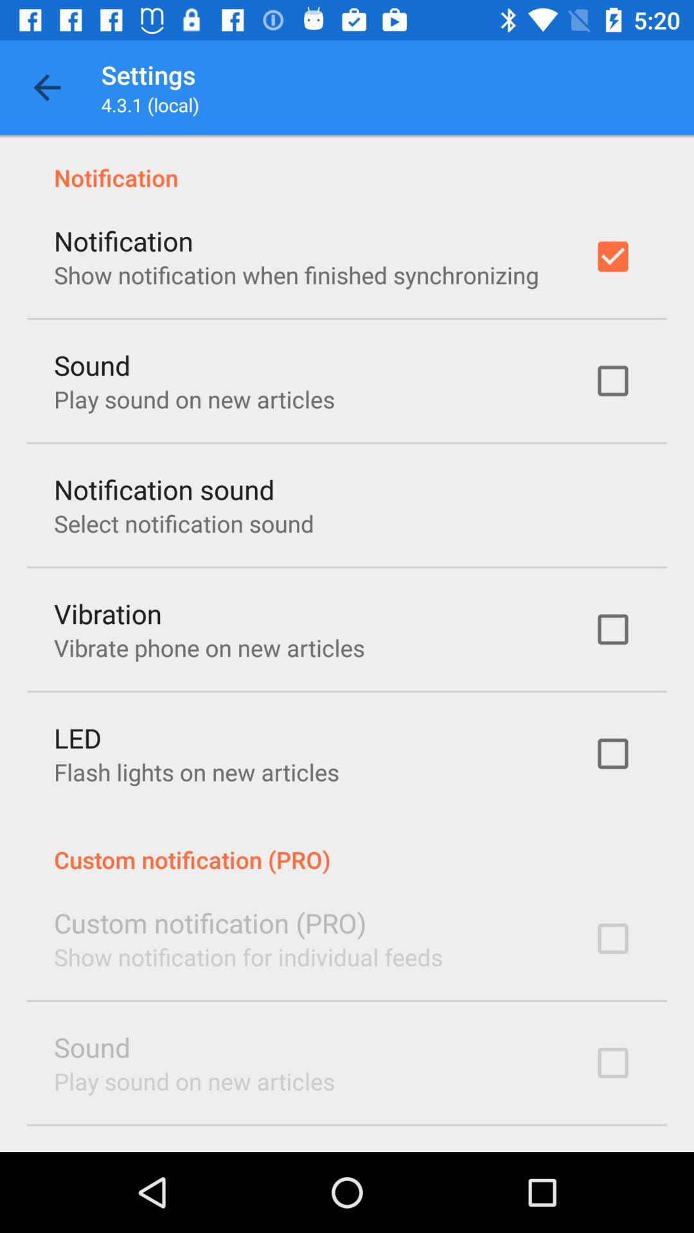  I want to click on the item below the select notification sound, so click(107, 613).